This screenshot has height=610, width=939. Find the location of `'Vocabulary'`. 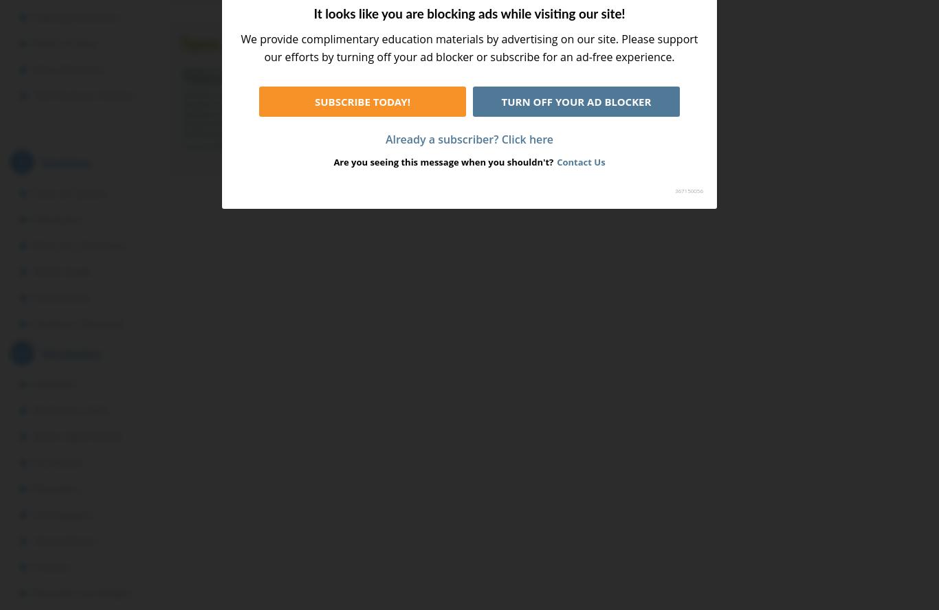

'Vocabulary' is located at coordinates (71, 354).